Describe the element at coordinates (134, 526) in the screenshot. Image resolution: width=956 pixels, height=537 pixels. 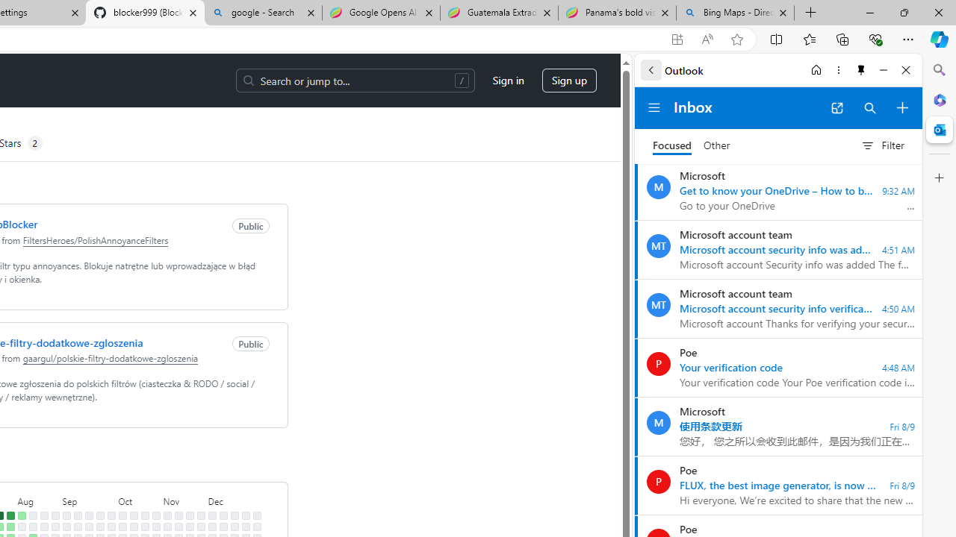
I see `'No contributions on October 14th.'` at that location.